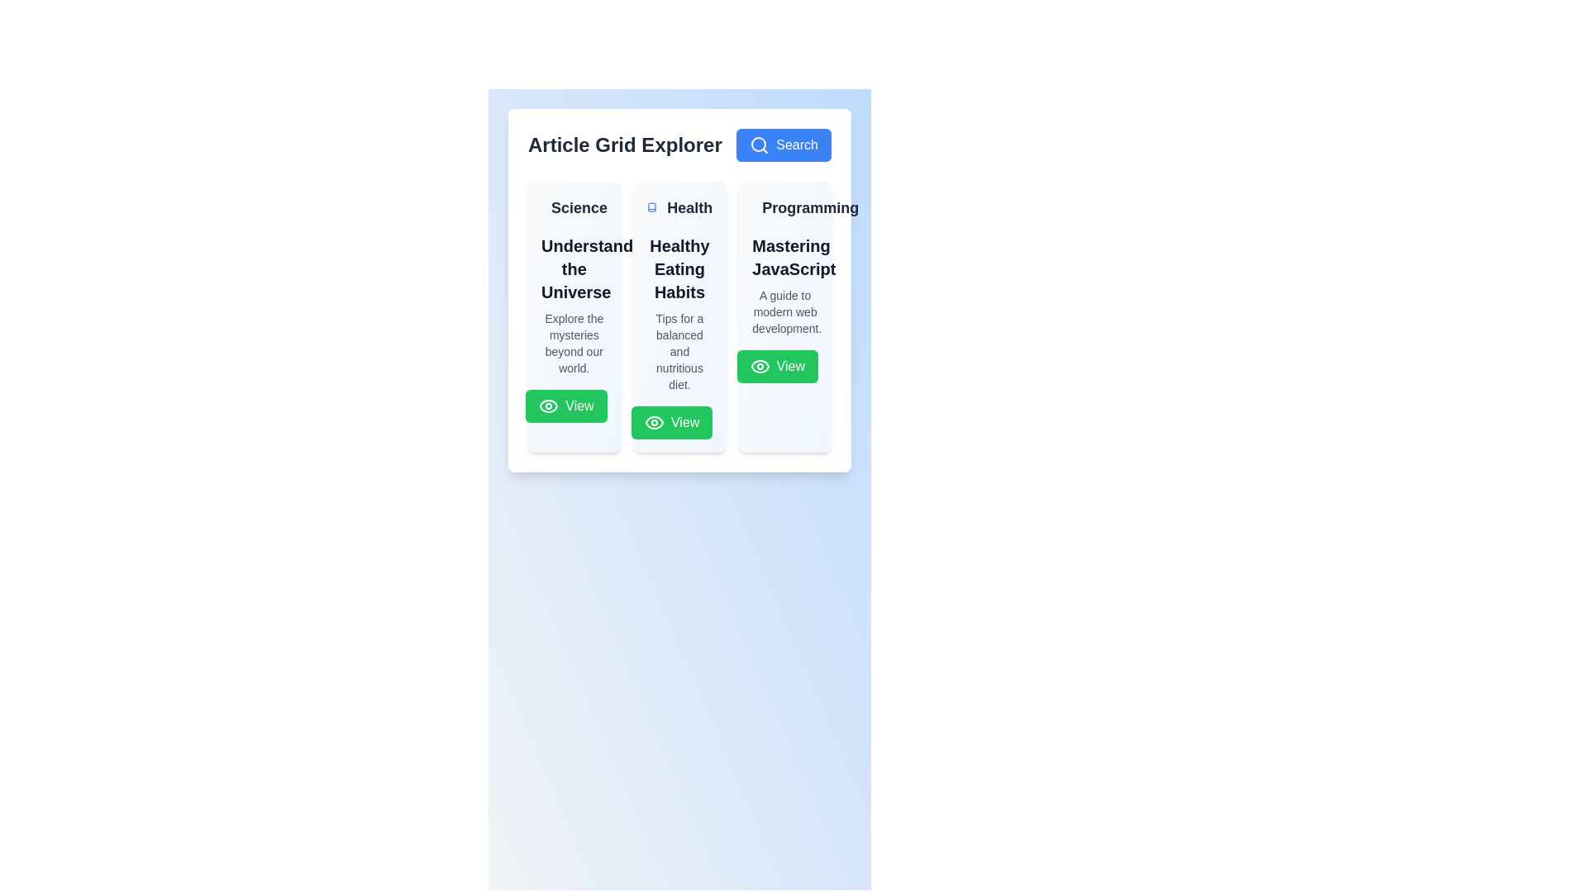 The width and height of the screenshot is (1587, 892). Describe the element at coordinates (679, 422) in the screenshot. I see `the green 'View' button with an eye icon located at the bottom-right corner of the 'Healthy Eating Habits' card` at that location.